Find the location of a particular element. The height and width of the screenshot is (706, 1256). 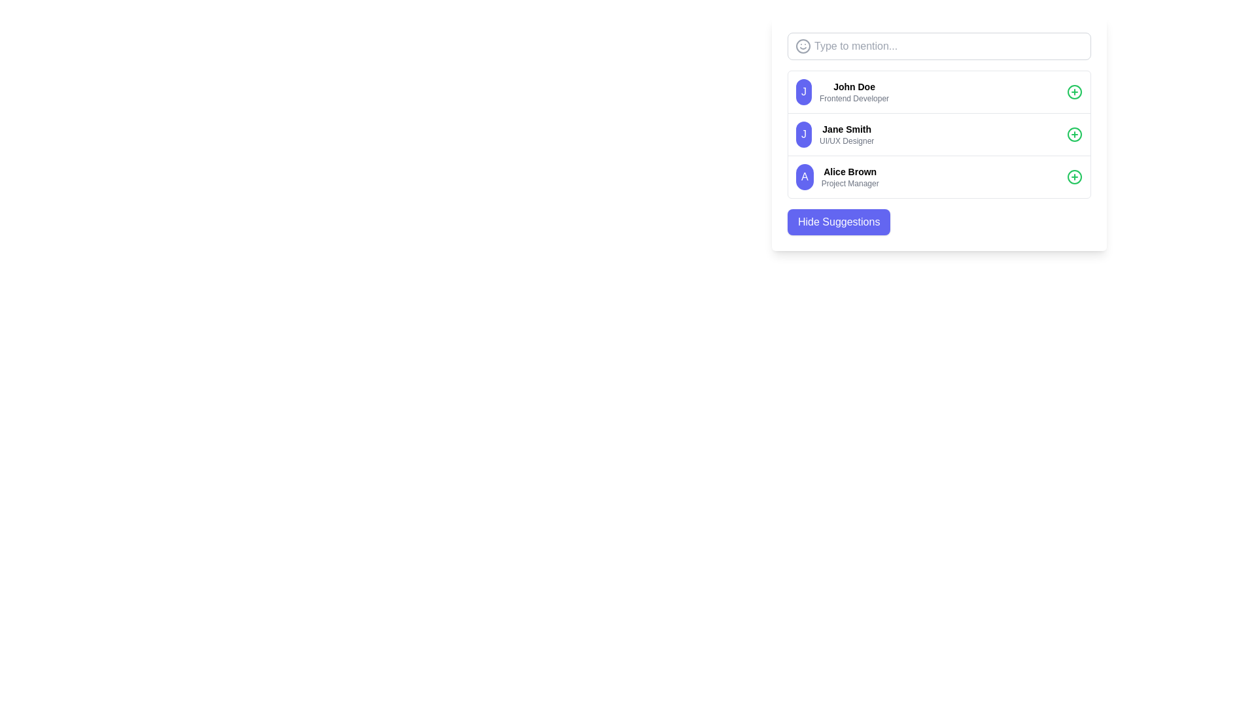

the second item in the mention suggestion list is located at coordinates (938, 134).